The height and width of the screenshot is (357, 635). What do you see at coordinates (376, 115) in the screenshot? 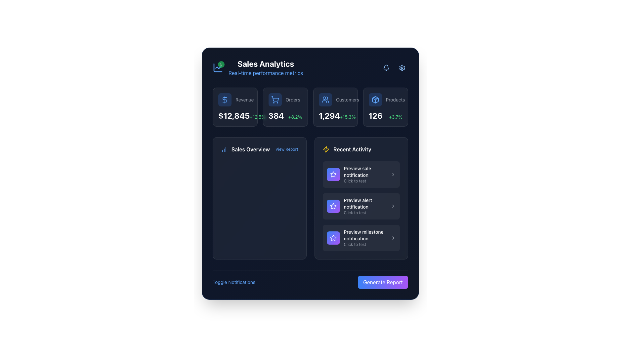
I see `the Text Display element that shows the total count of products in the Products card located in the top-right corner of the dashboard` at bounding box center [376, 115].